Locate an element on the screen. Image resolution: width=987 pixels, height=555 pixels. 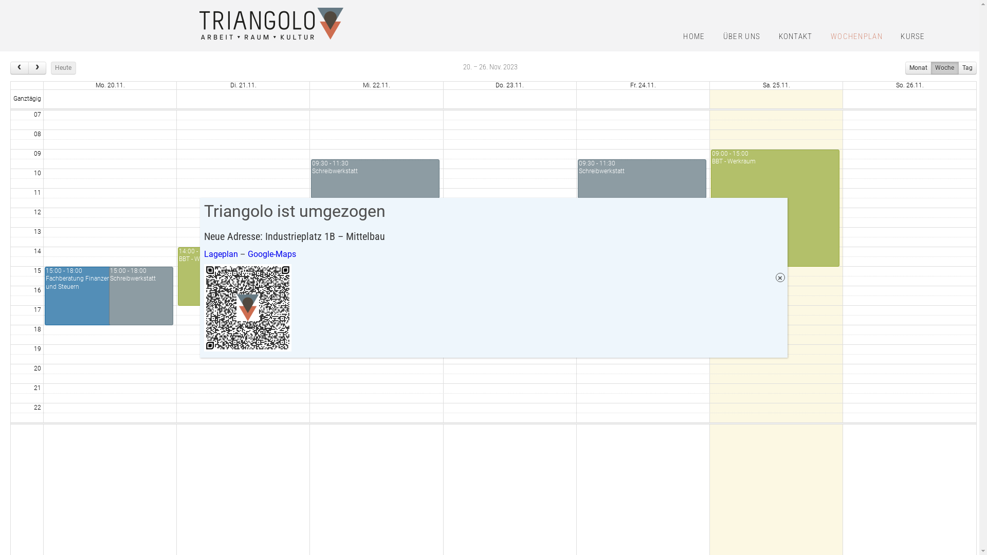
'Monat' is located at coordinates (918, 68).